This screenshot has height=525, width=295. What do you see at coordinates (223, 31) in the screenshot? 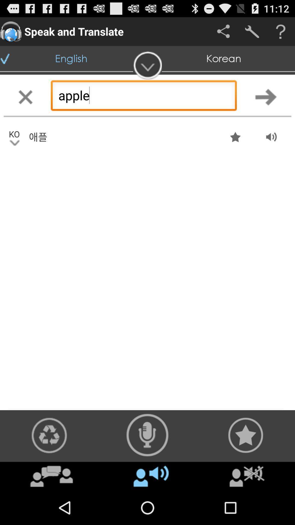
I see `share` at bounding box center [223, 31].